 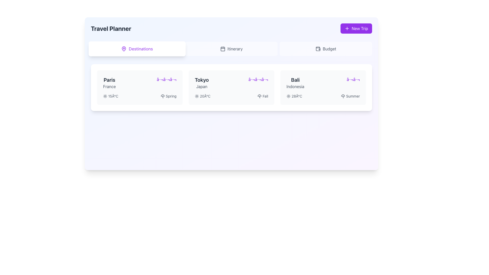 I want to click on the Spring icon located at the bottom right of the Paris destination card, which visually represents the season Spring, so click(x=162, y=96).